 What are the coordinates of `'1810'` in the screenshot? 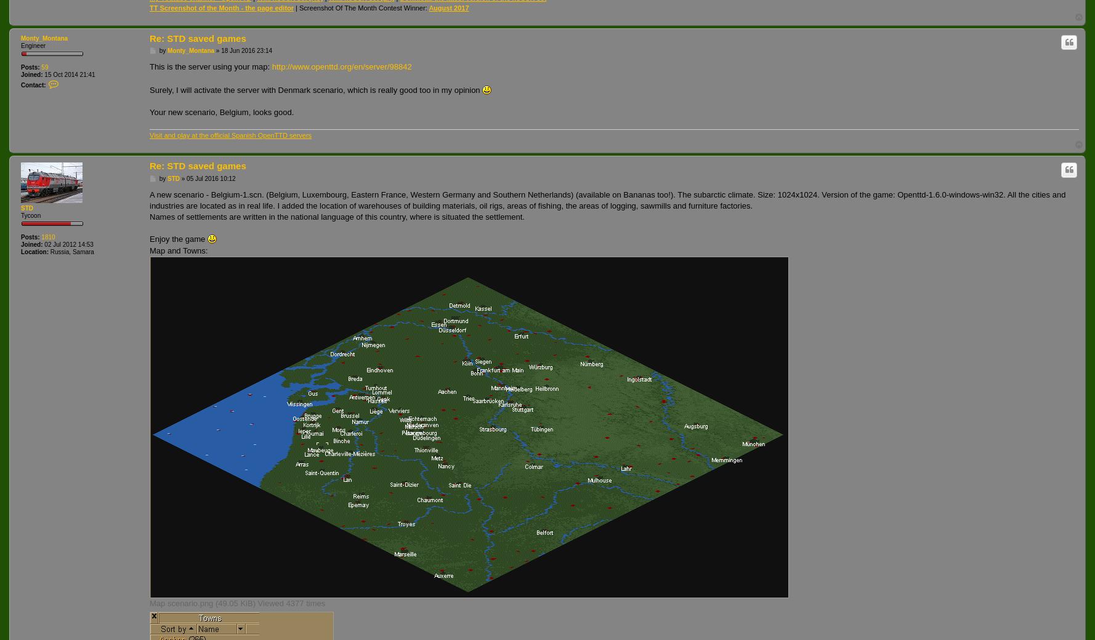 It's located at (47, 236).